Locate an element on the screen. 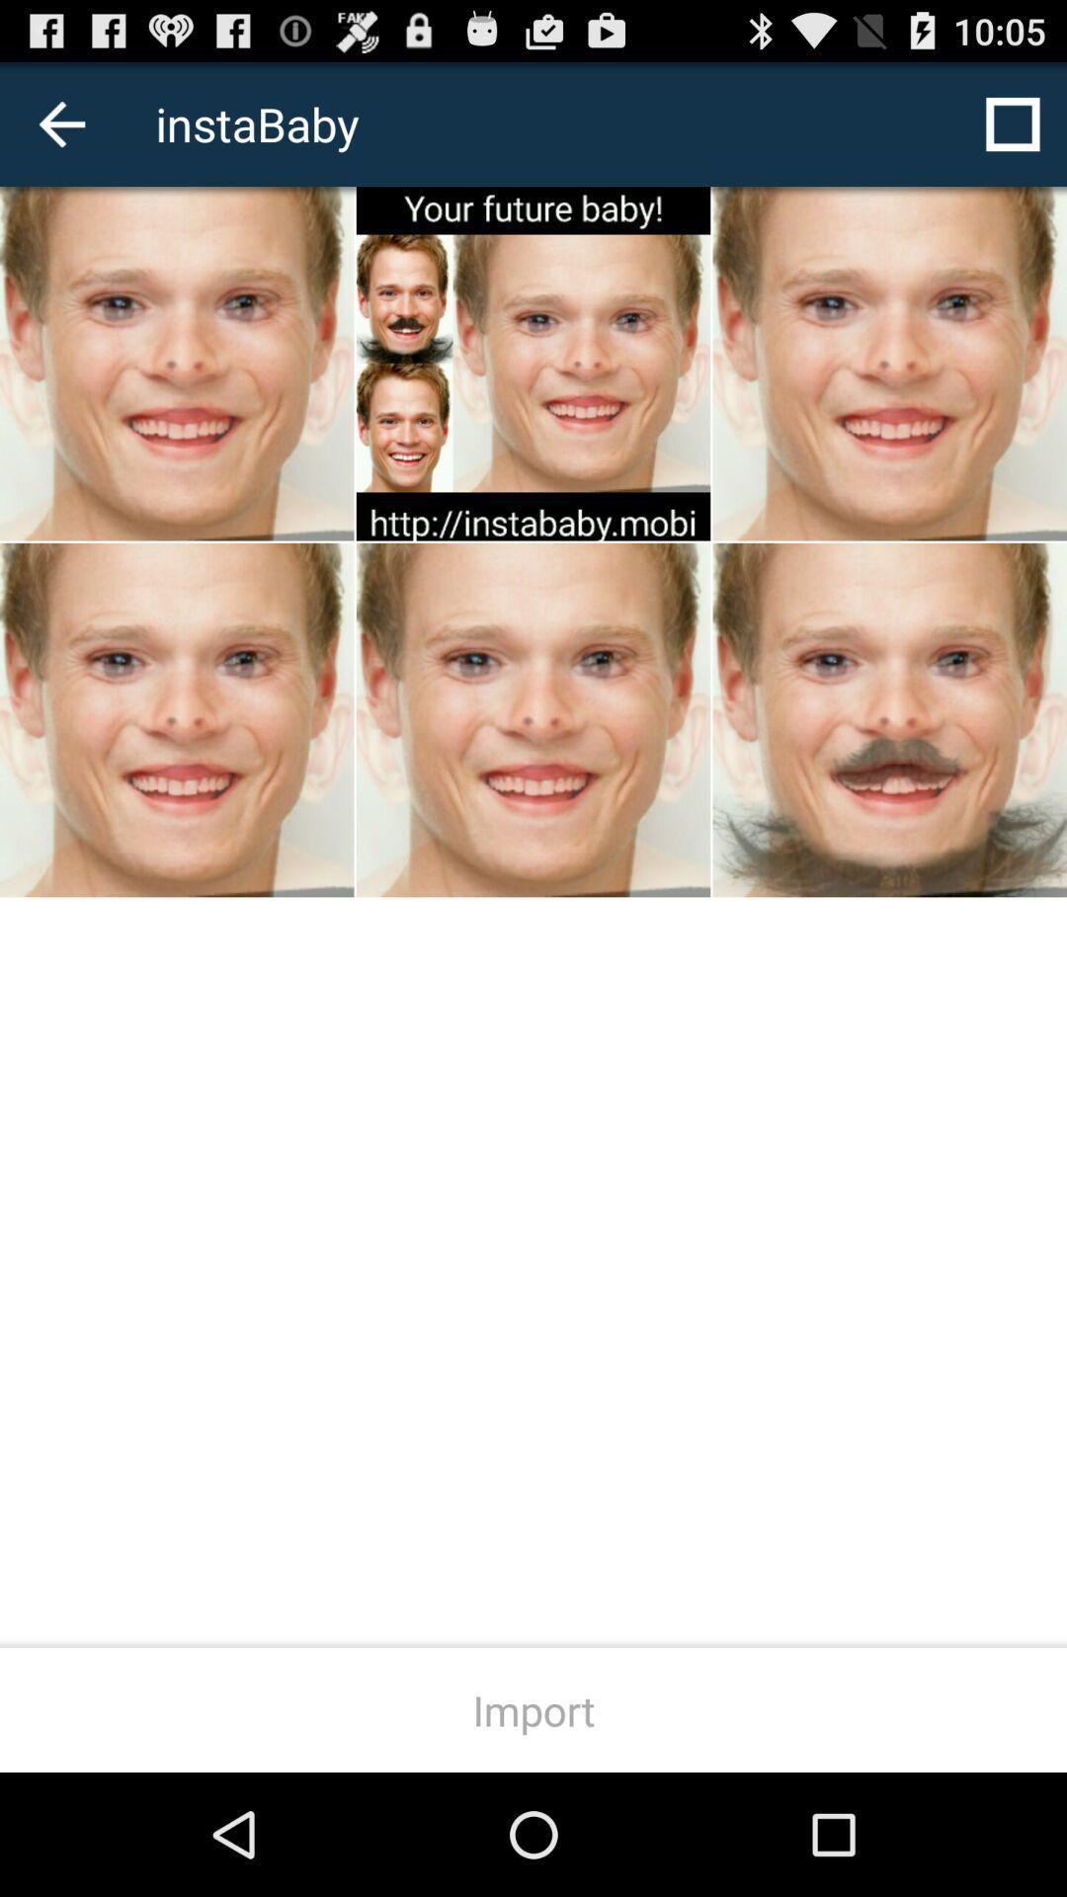 Image resolution: width=1067 pixels, height=1897 pixels. the third image in the second row is located at coordinates (890, 719).